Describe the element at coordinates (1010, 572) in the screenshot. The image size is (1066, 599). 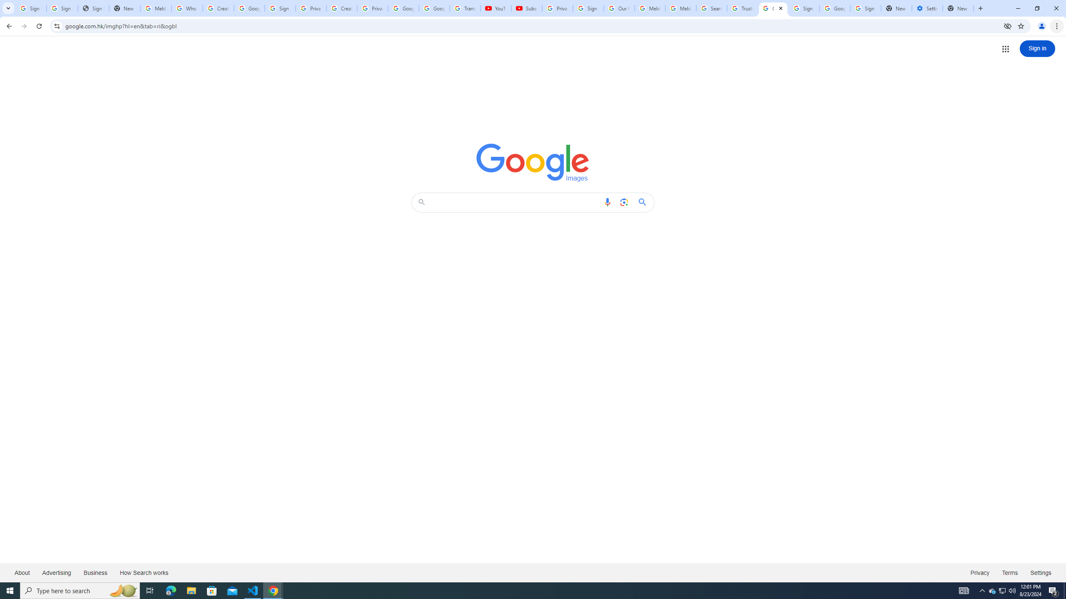
I see `'Terms'` at that location.